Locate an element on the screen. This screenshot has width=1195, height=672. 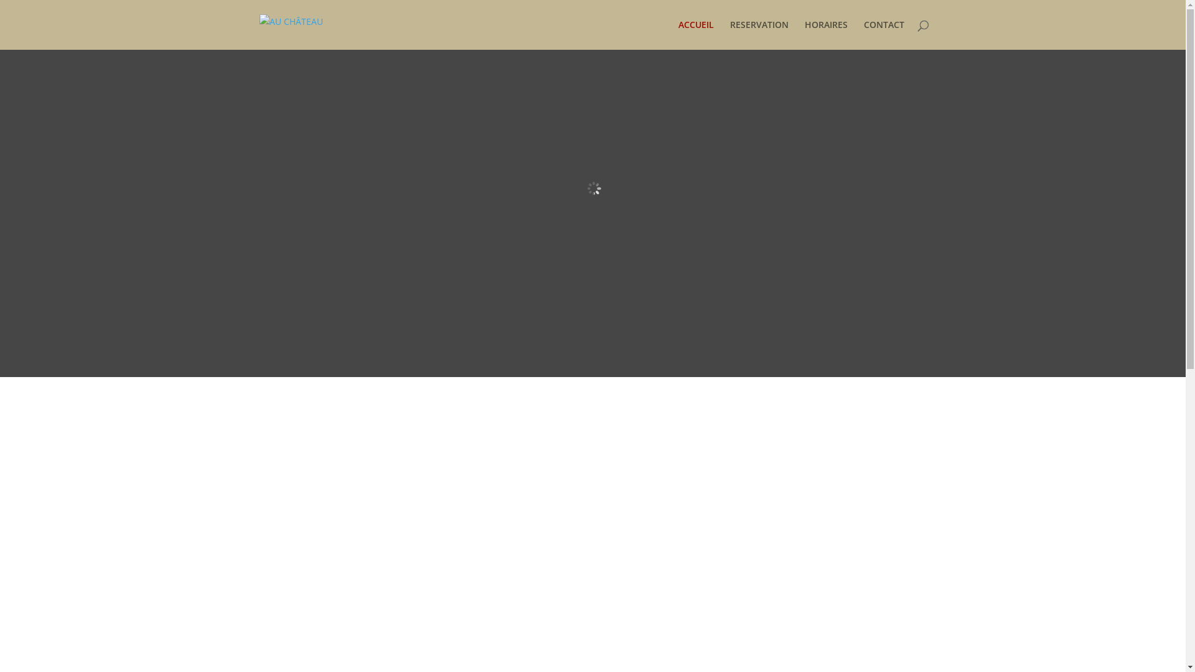
'CONTACT' is located at coordinates (883, 34).